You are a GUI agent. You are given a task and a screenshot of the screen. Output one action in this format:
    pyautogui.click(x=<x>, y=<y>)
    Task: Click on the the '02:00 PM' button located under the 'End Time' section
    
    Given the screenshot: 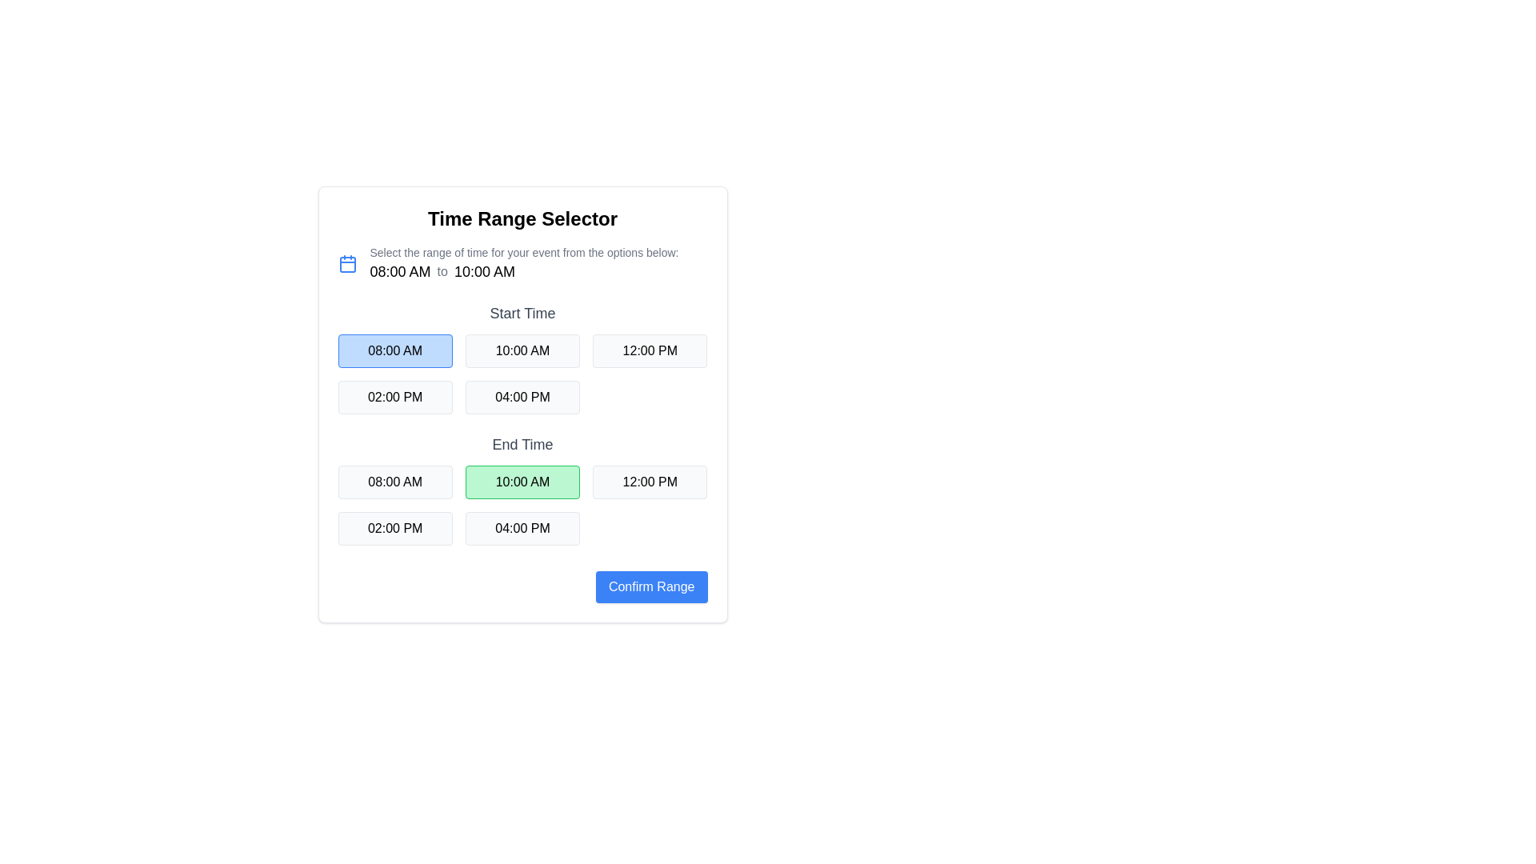 What is the action you would take?
    pyautogui.click(x=395, y=528)
    